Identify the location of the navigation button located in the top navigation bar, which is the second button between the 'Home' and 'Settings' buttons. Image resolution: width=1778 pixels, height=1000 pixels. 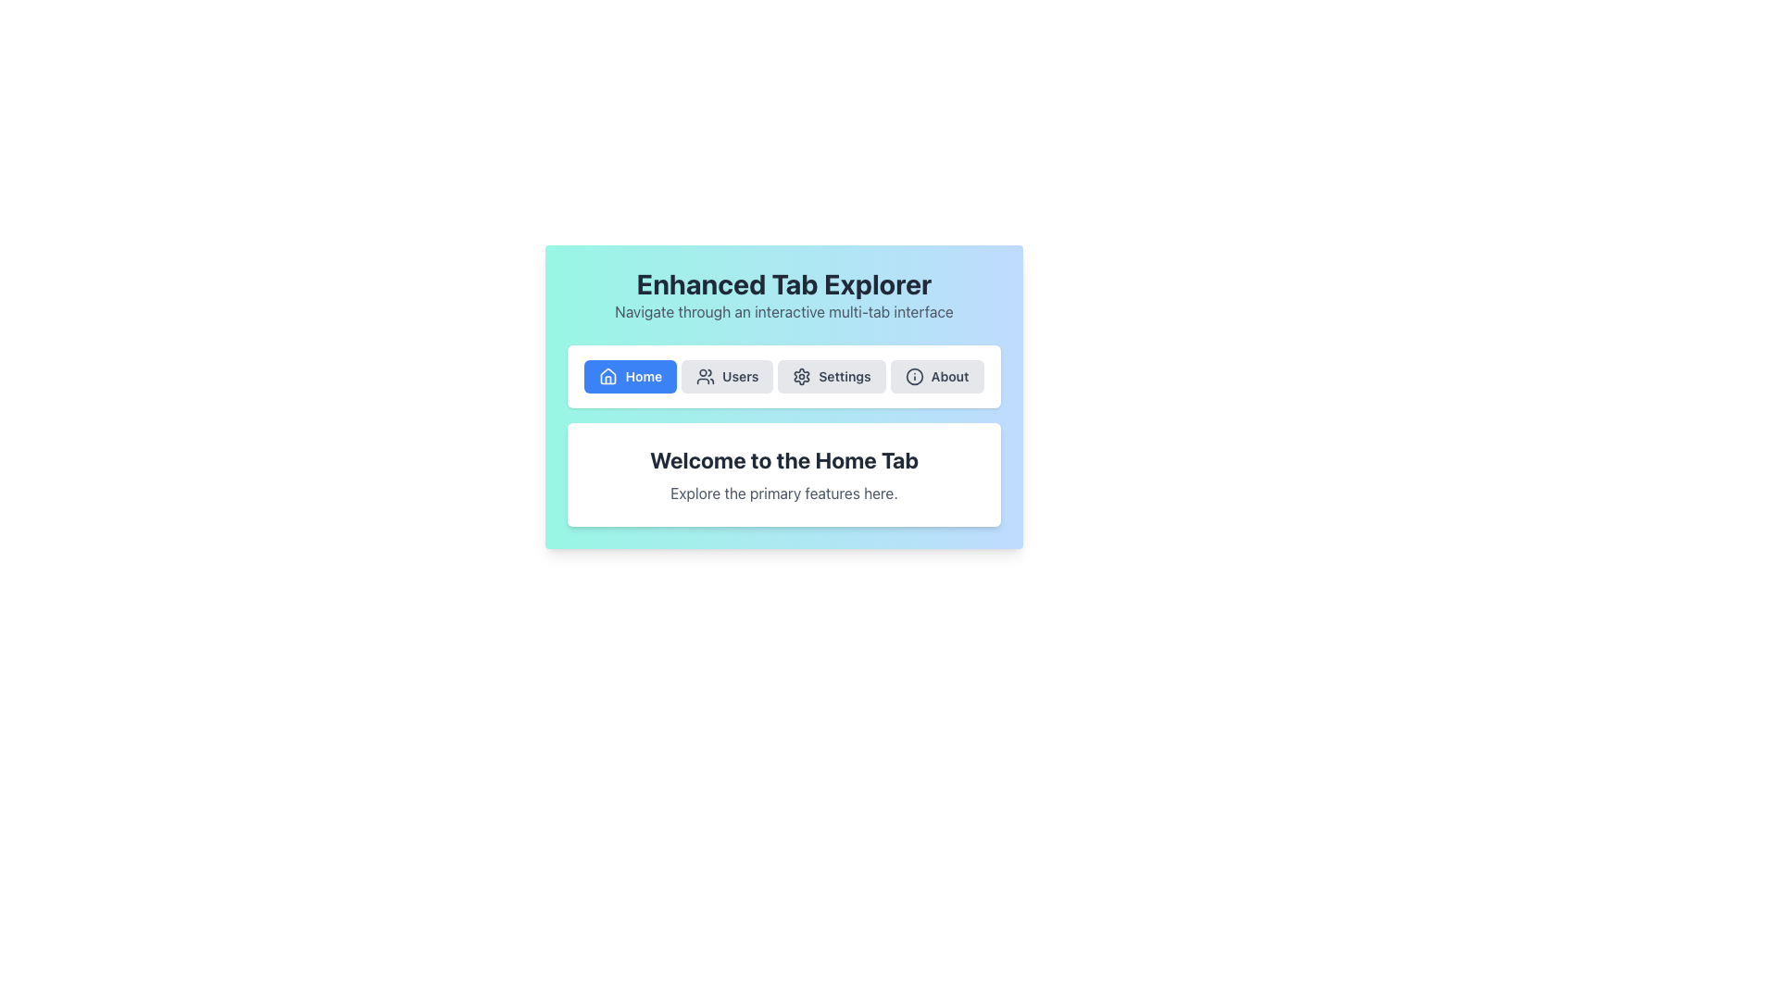
(726, 376).